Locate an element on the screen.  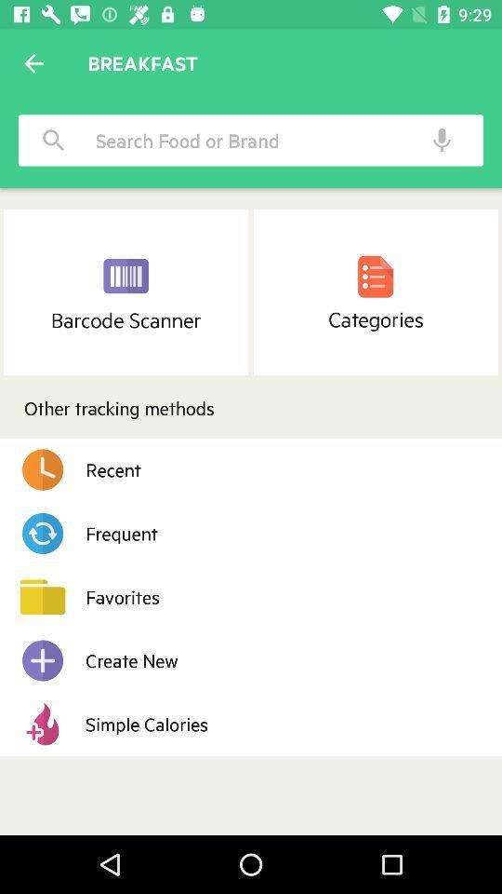
icon above the barcode scanner icon is located at coordinates (54, 139).